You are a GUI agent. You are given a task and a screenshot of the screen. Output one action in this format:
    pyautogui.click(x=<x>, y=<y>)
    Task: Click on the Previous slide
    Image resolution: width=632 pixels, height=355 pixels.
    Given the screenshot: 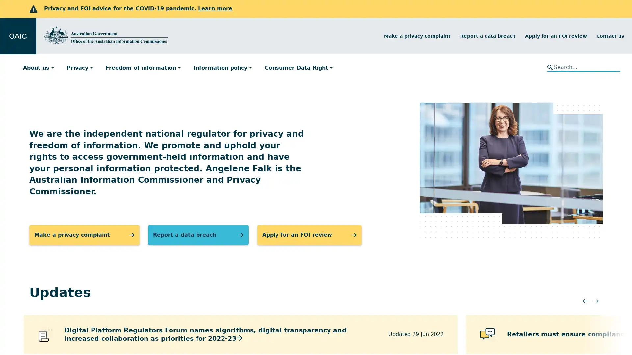 What is the action you would take?
    pyautogui.click(x=585, y=301)
    